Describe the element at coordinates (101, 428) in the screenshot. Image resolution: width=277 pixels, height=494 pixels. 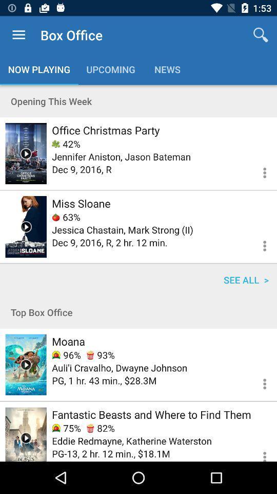
I see `82%` at that location.